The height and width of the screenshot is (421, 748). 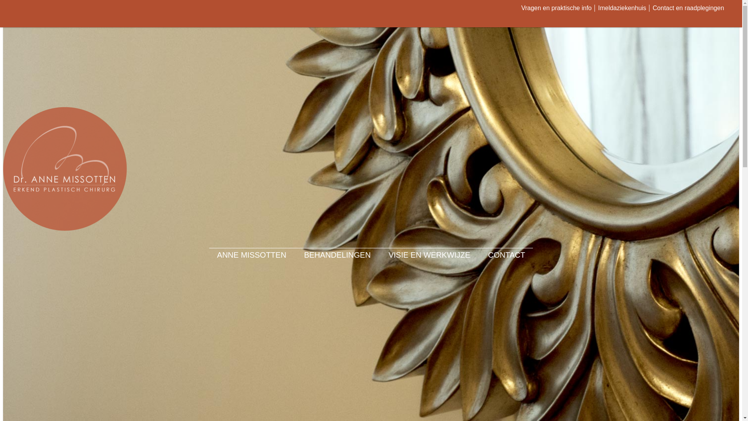 What do you see at coordinates (622, 8) in the screenshot?
I see `'Imeldaziekenhuis'` at bounding box center [622, 8].